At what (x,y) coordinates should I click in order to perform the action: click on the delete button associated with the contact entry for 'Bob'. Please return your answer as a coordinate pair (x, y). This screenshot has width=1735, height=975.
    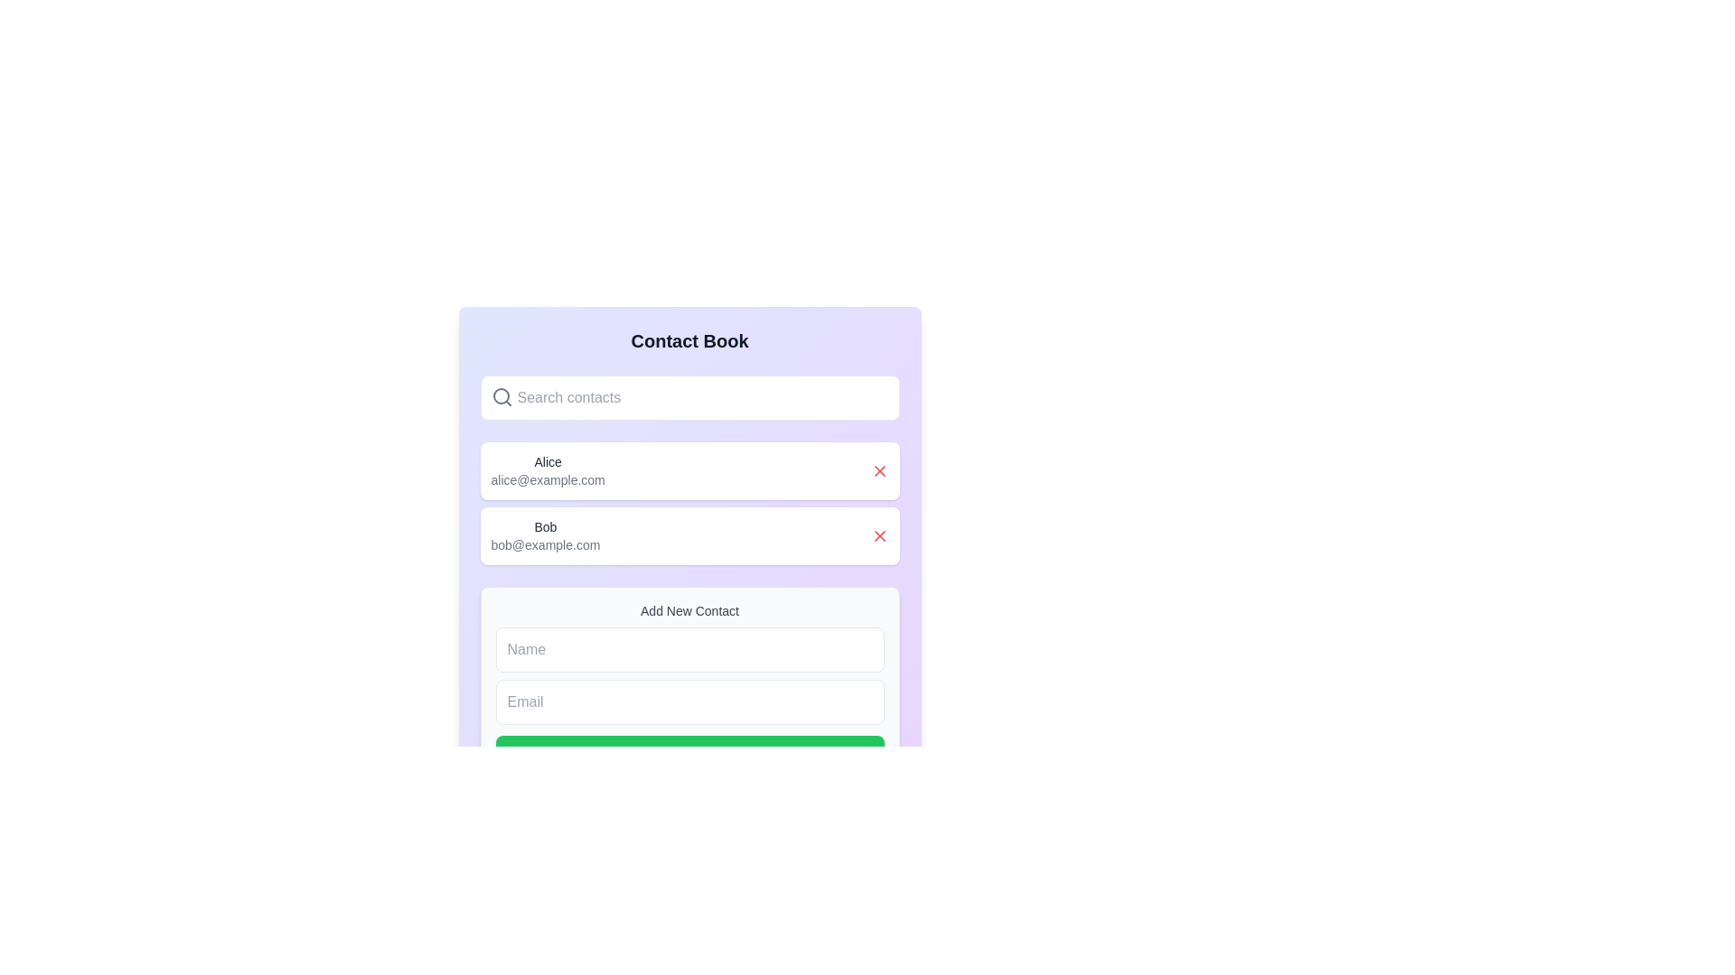
    Looking at the image, I should click on (879, 535).